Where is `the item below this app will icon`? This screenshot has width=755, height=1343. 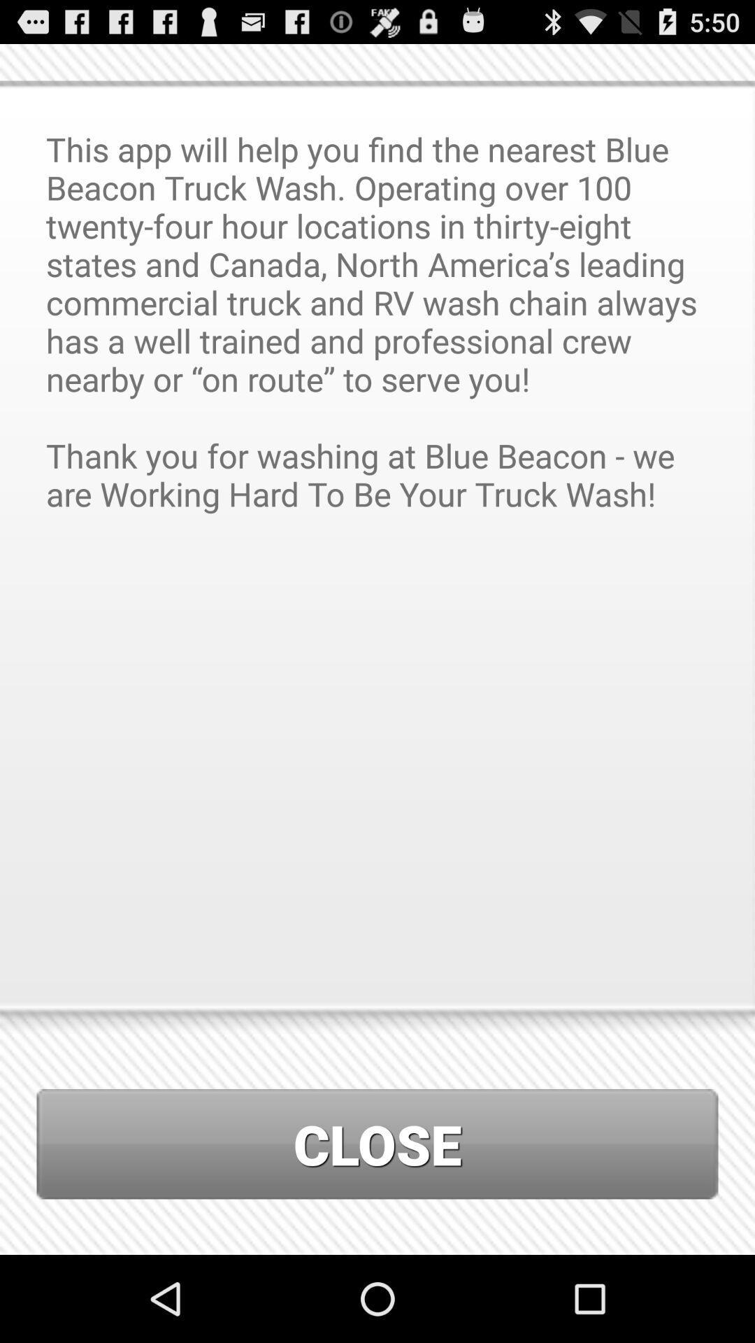 the item below this app will icon is located at coordinates (377, 1144).